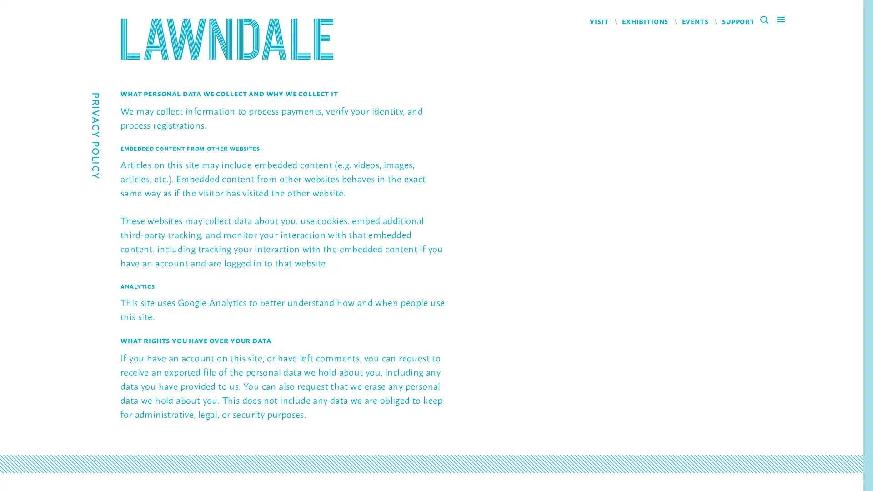 Image resolution: width=873 pixels, height=491 pixels. What do you see at coordinates (780, 21) in the screenshot?
I see `Main Menu` at bounding box center [780, 21].